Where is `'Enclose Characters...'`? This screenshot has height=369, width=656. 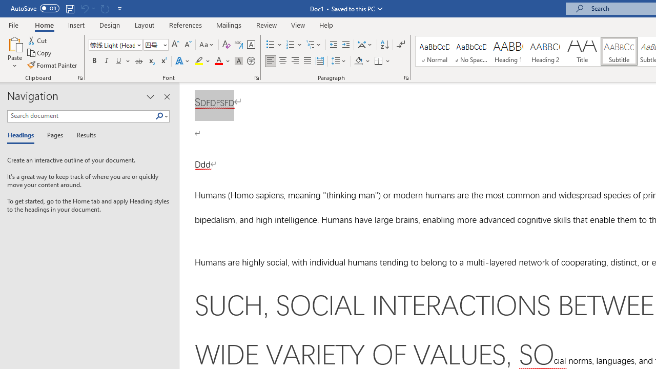 'Enclose Characters...' is located at coordinates (251, 61).